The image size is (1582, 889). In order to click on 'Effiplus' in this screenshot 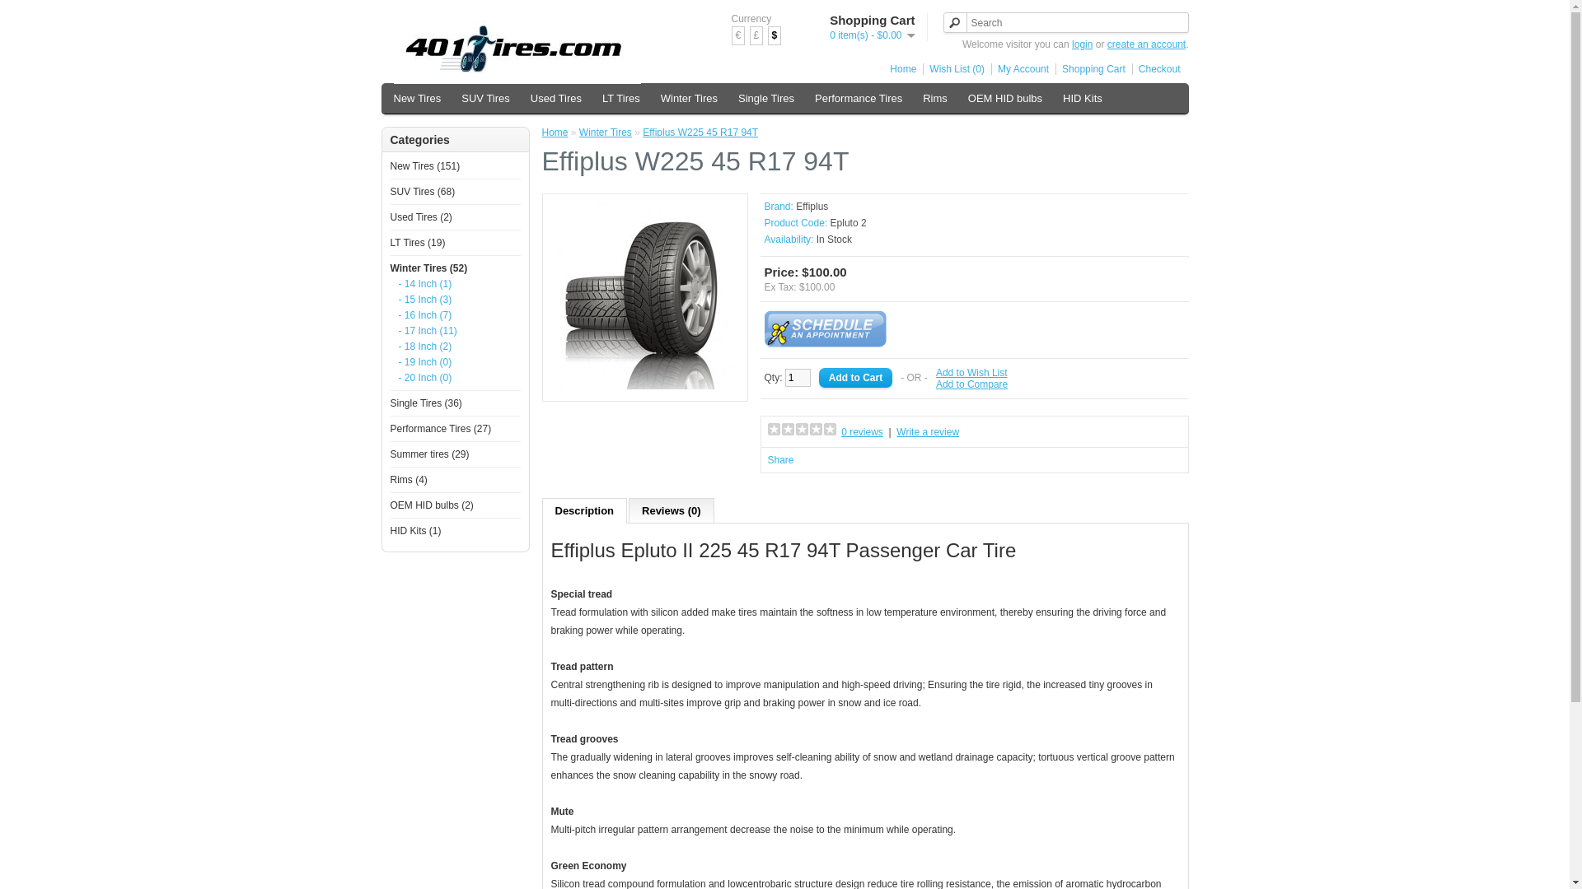, I will do `click(812, 205)`.